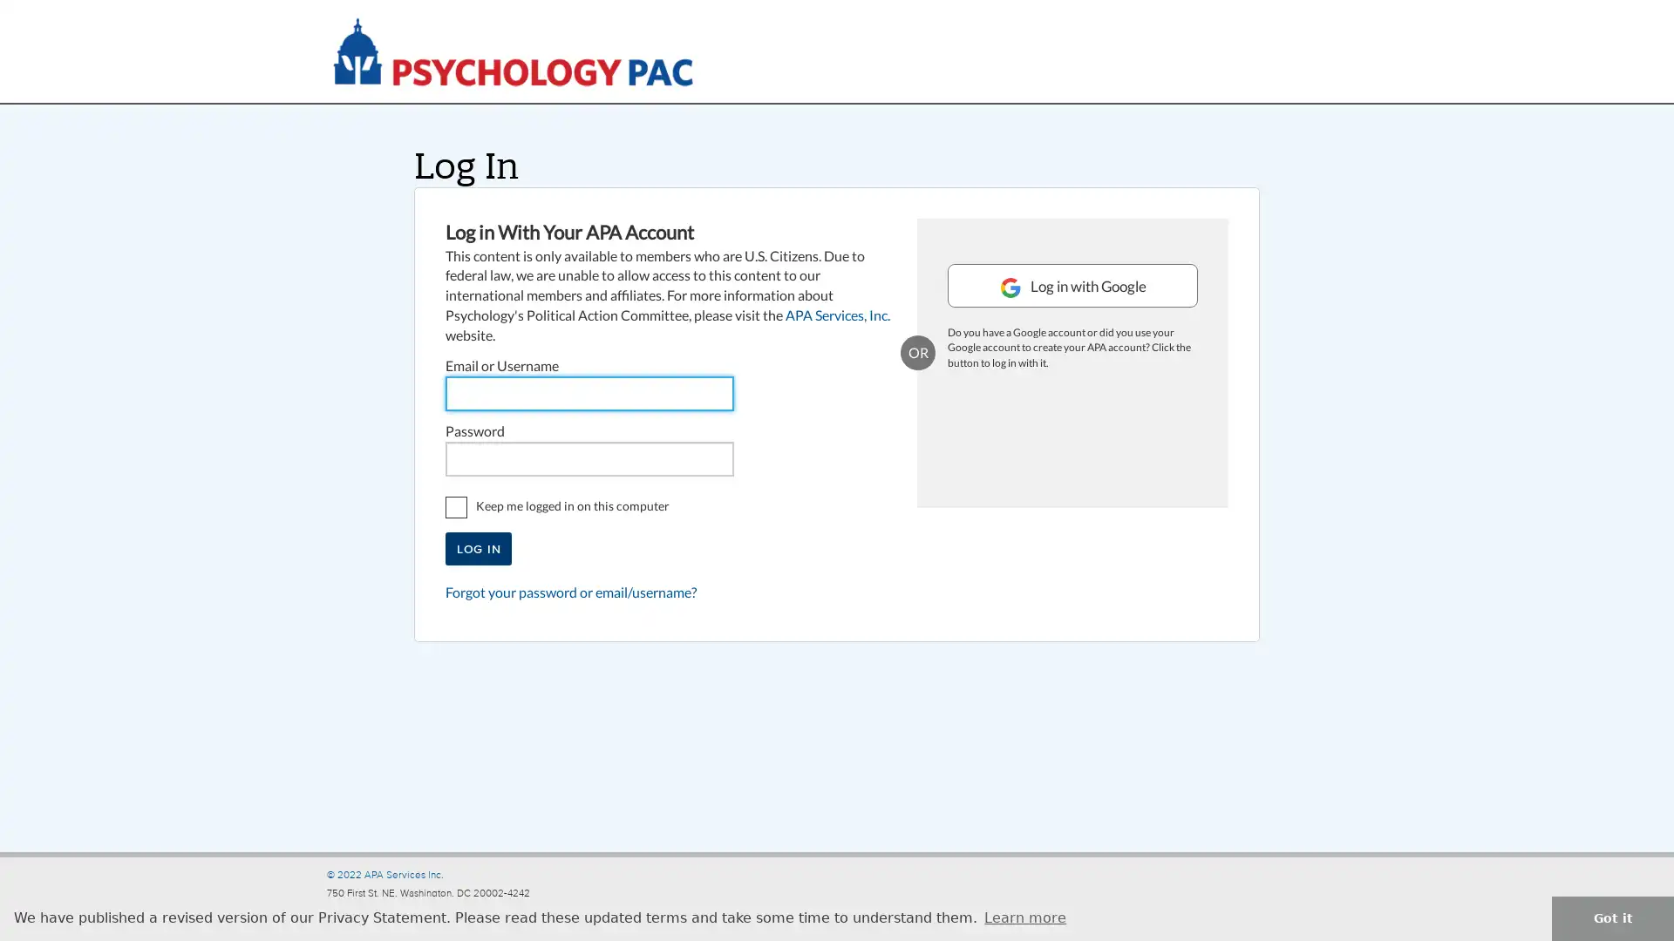 Image resolution: width=1674 pixels, height=941 pixels. Describe the element at coordinates (1071, 308) in the screenshot. I see `Log in with Google` at that location.